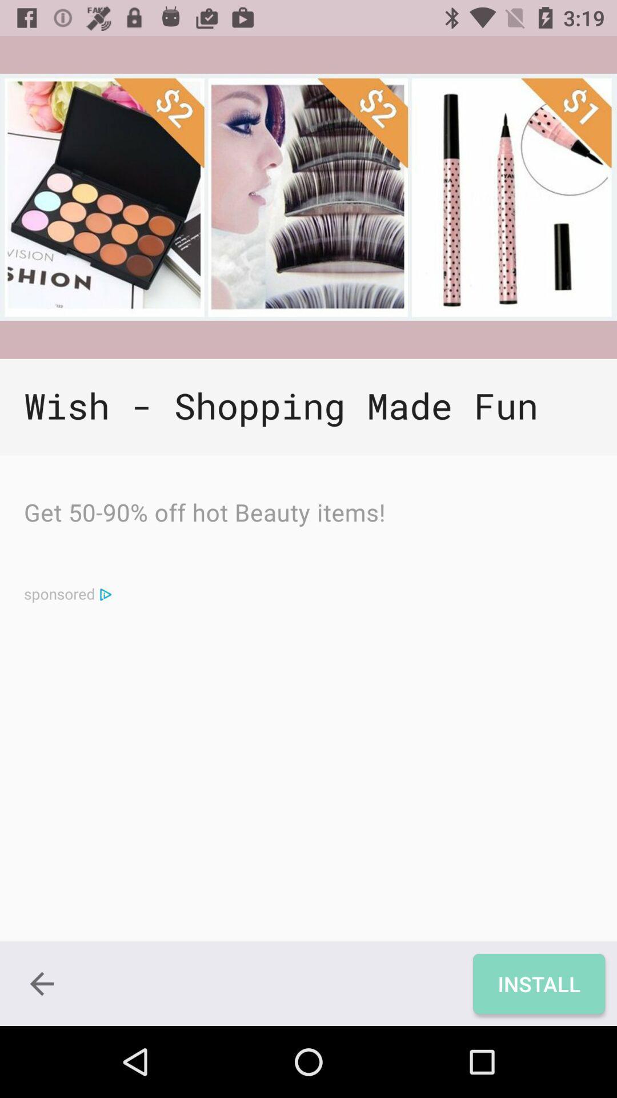  What do you see at coordinates (41, 983) in the screenshot?
I see `icon to the left of install` at bounding box center [41, 983].